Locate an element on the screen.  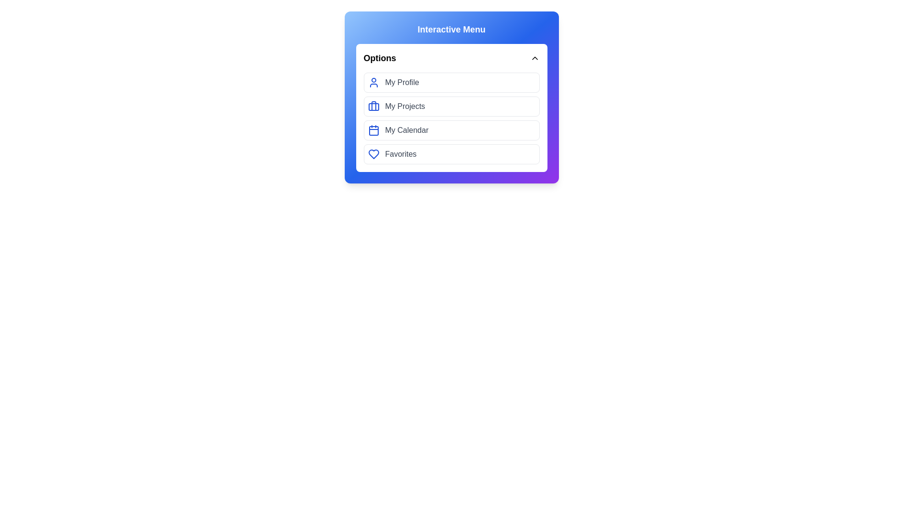
the SVG rectangle element with rounded corners that represents the main body of the briefcase icon for the 'My Projects' menu option is located at coordinates (373, 107).